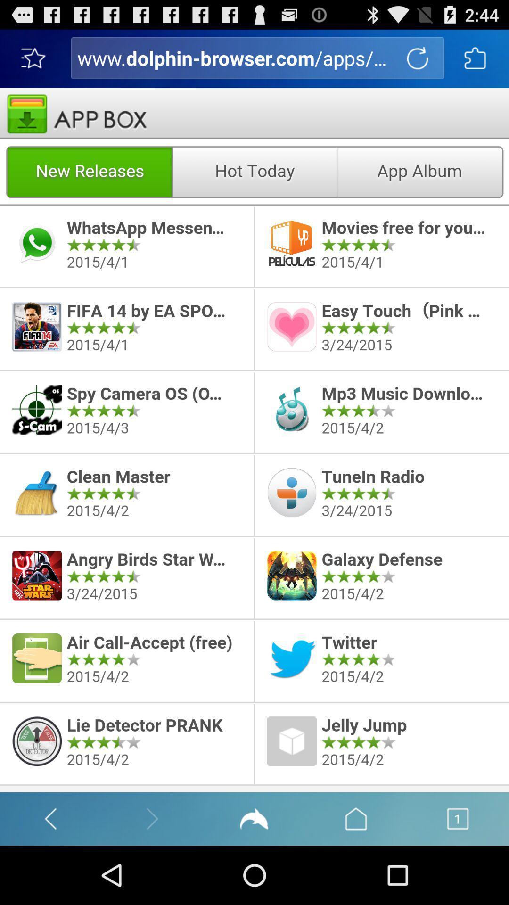 This screenshot has height=905, width=509. What do you see at coordinates (254, 439) in the screenshot?
I see `discretion` at bounding box center [254, 439].